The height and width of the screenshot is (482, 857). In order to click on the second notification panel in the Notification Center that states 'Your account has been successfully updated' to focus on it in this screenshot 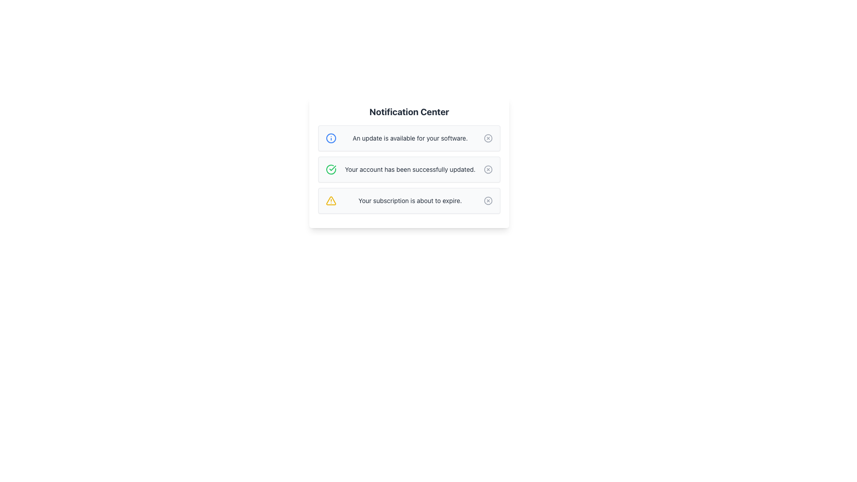, I will do `click(408, 162)`.